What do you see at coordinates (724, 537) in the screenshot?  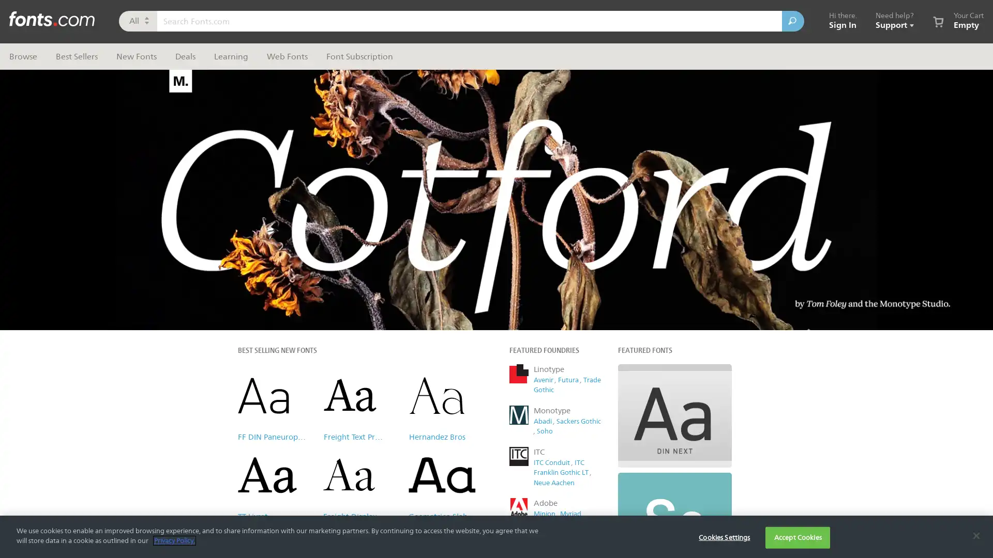 I see `Cookies Settings` at bounding box center [724, 537].